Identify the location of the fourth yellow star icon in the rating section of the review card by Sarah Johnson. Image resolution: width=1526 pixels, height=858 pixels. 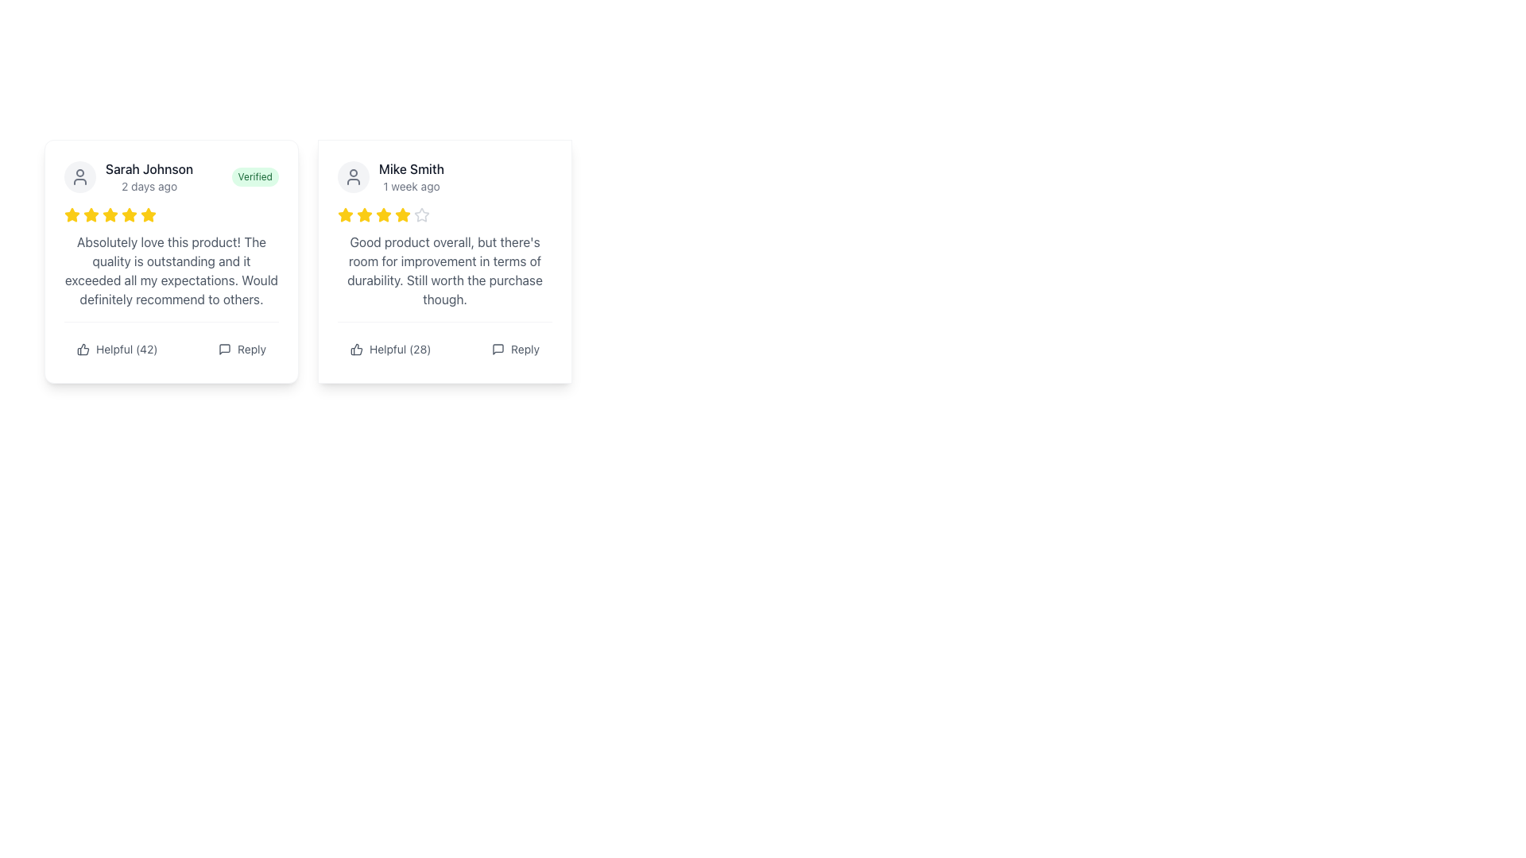
(110, 214).